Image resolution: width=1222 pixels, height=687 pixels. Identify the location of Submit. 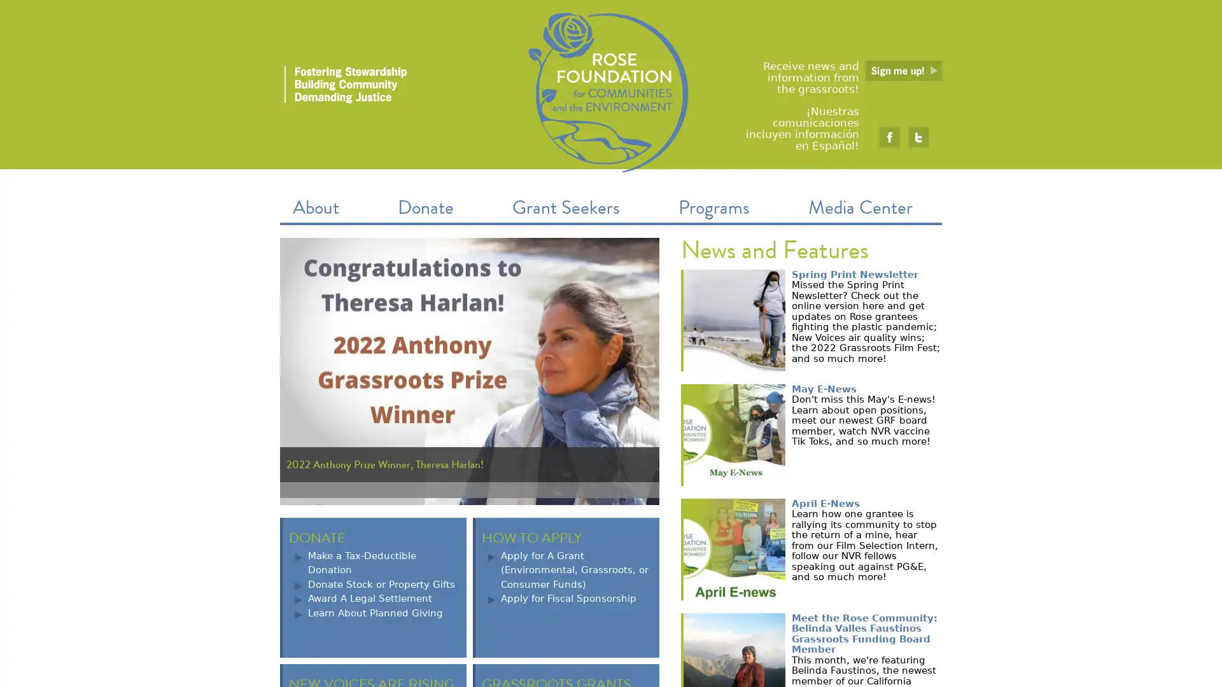
(903, 71).